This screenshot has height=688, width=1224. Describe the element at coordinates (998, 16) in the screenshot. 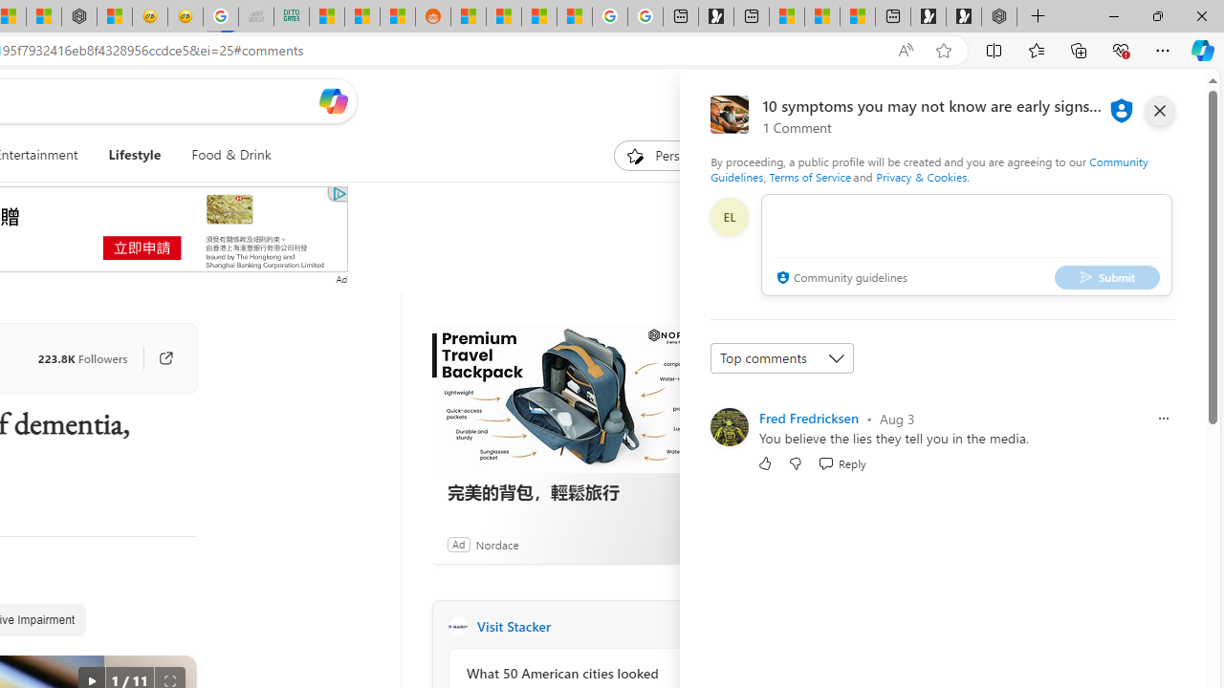

I see `'Nordace - Nordace Siena Is Not An Ordinary Backpack'` at that location.